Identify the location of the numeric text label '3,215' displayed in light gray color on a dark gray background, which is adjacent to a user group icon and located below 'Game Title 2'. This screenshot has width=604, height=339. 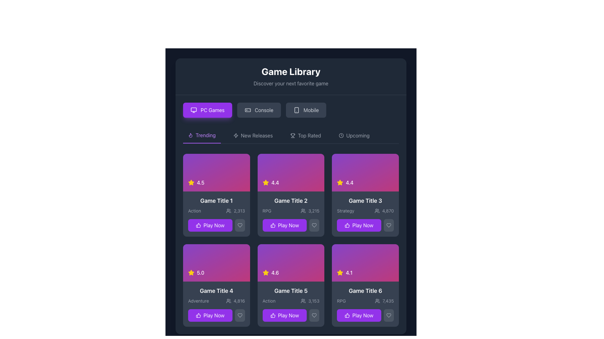
(314, 211).